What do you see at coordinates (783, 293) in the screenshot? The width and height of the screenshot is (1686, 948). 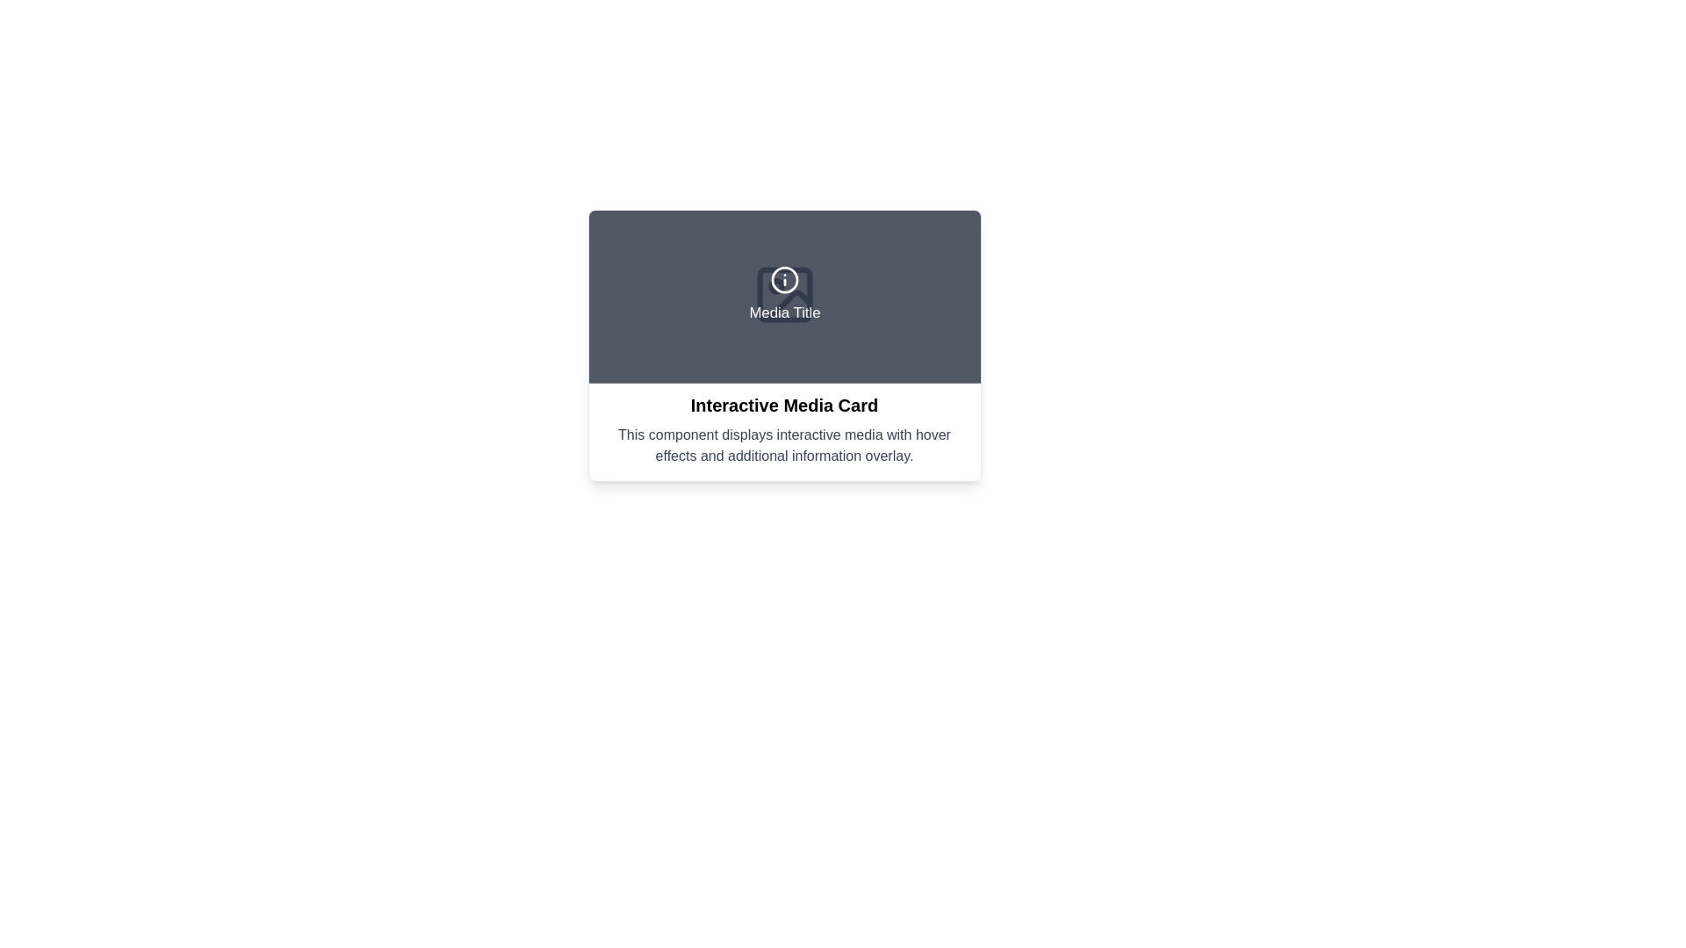 I see `the gray icon with a simple stroke design located centrally in the dark header section of the card interface` at bounding box center [783, 293].